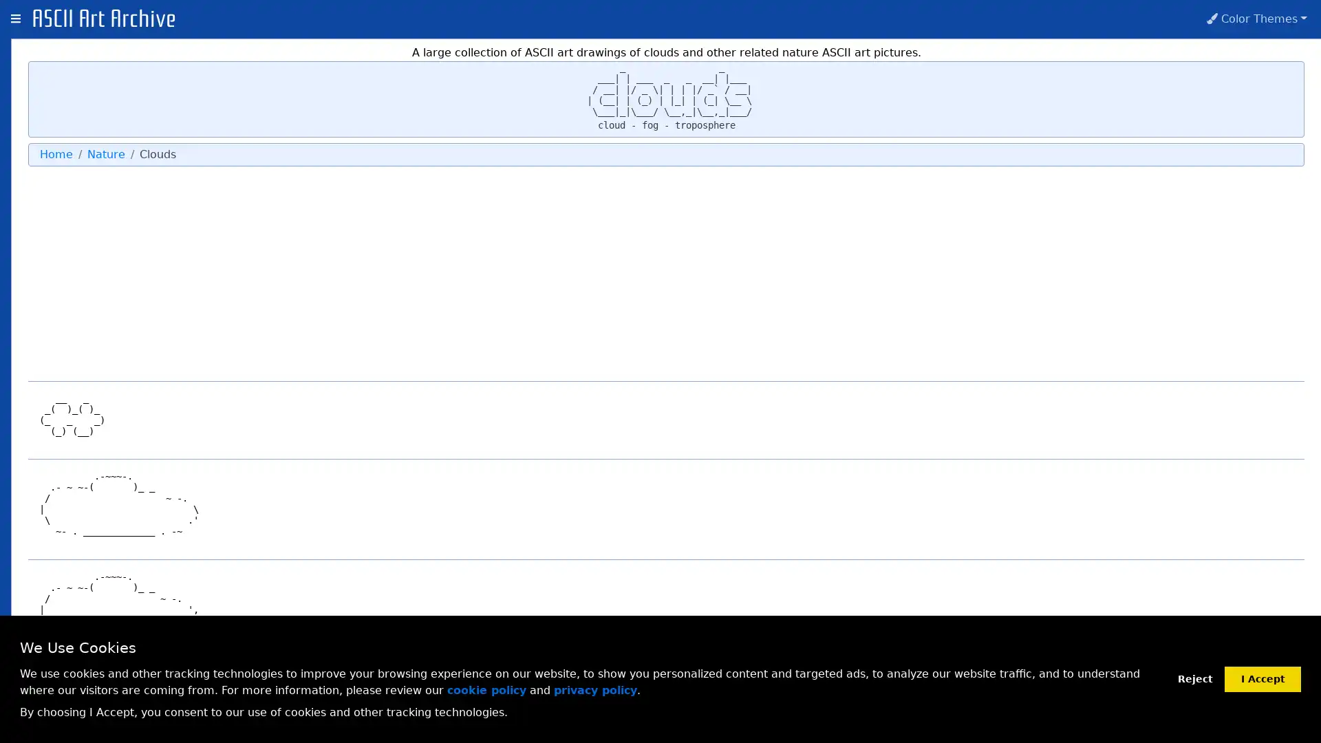 This screenshot has width=1321, height=743. Describe the element at coordinates (1194, 678) in the screenshot. I see `Reject` at that location.